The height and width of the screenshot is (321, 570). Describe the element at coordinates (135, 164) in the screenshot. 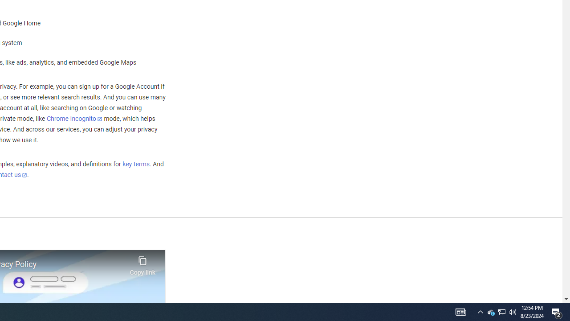

I see `'key terms'` at that location.